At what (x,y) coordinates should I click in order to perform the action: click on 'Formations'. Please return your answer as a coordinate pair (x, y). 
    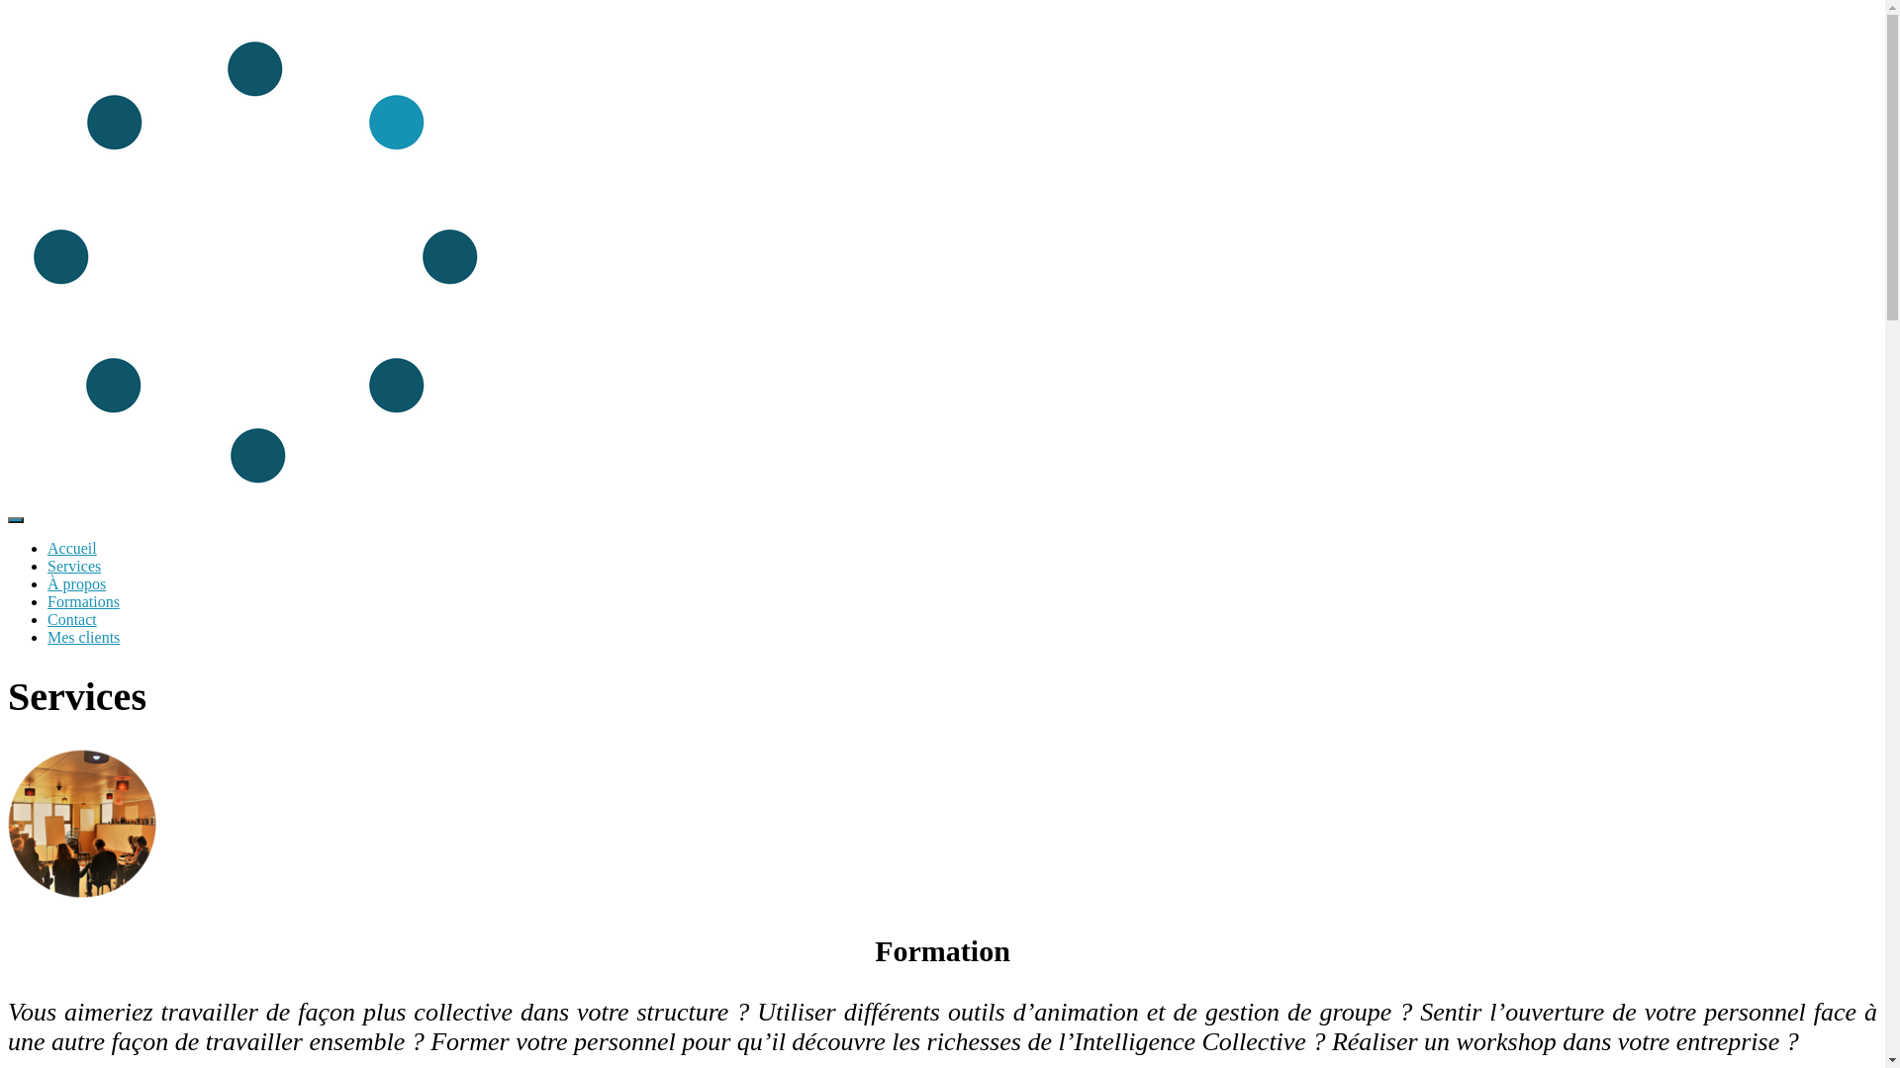
    Looking at the image, I should click on (82, 600).